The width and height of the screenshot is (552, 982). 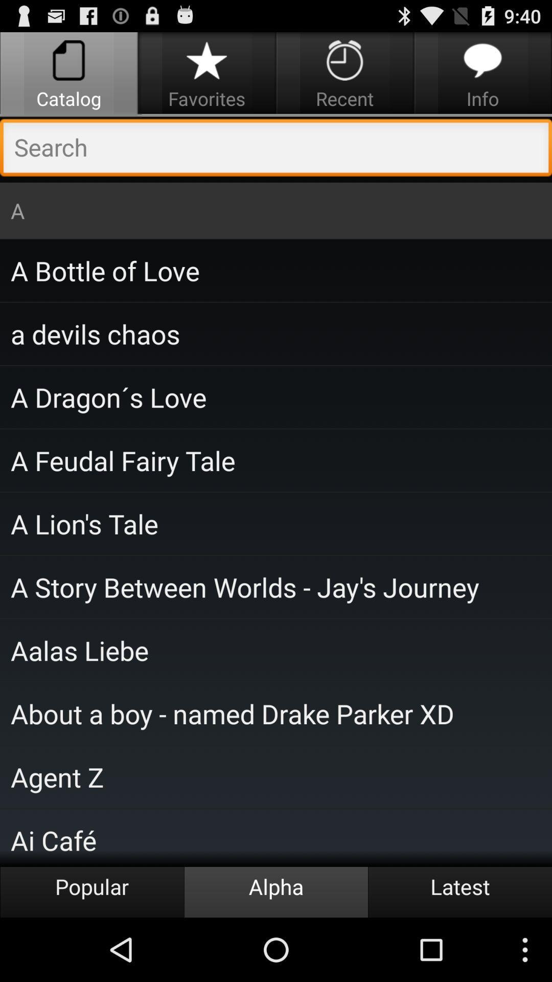 I want to click on the a feudal fairy icon, so click(x=276, y=460).